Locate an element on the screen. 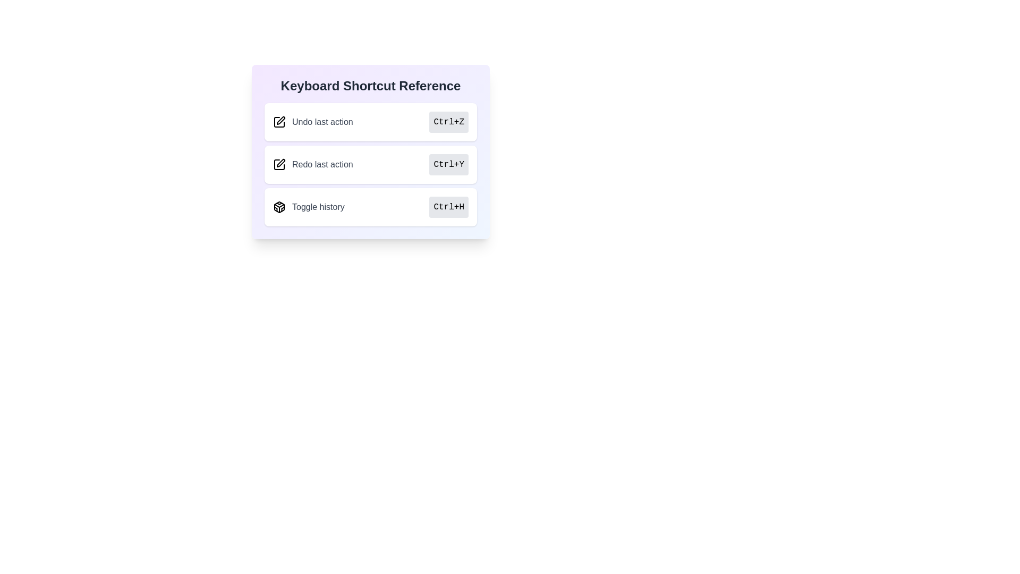  the cube icon located to the left of the 'Toggle history' text in the third row of the 'Keyboard Shortcut Reference' card to visually associate it with its corresponding text is located at coordinates (279, 207).